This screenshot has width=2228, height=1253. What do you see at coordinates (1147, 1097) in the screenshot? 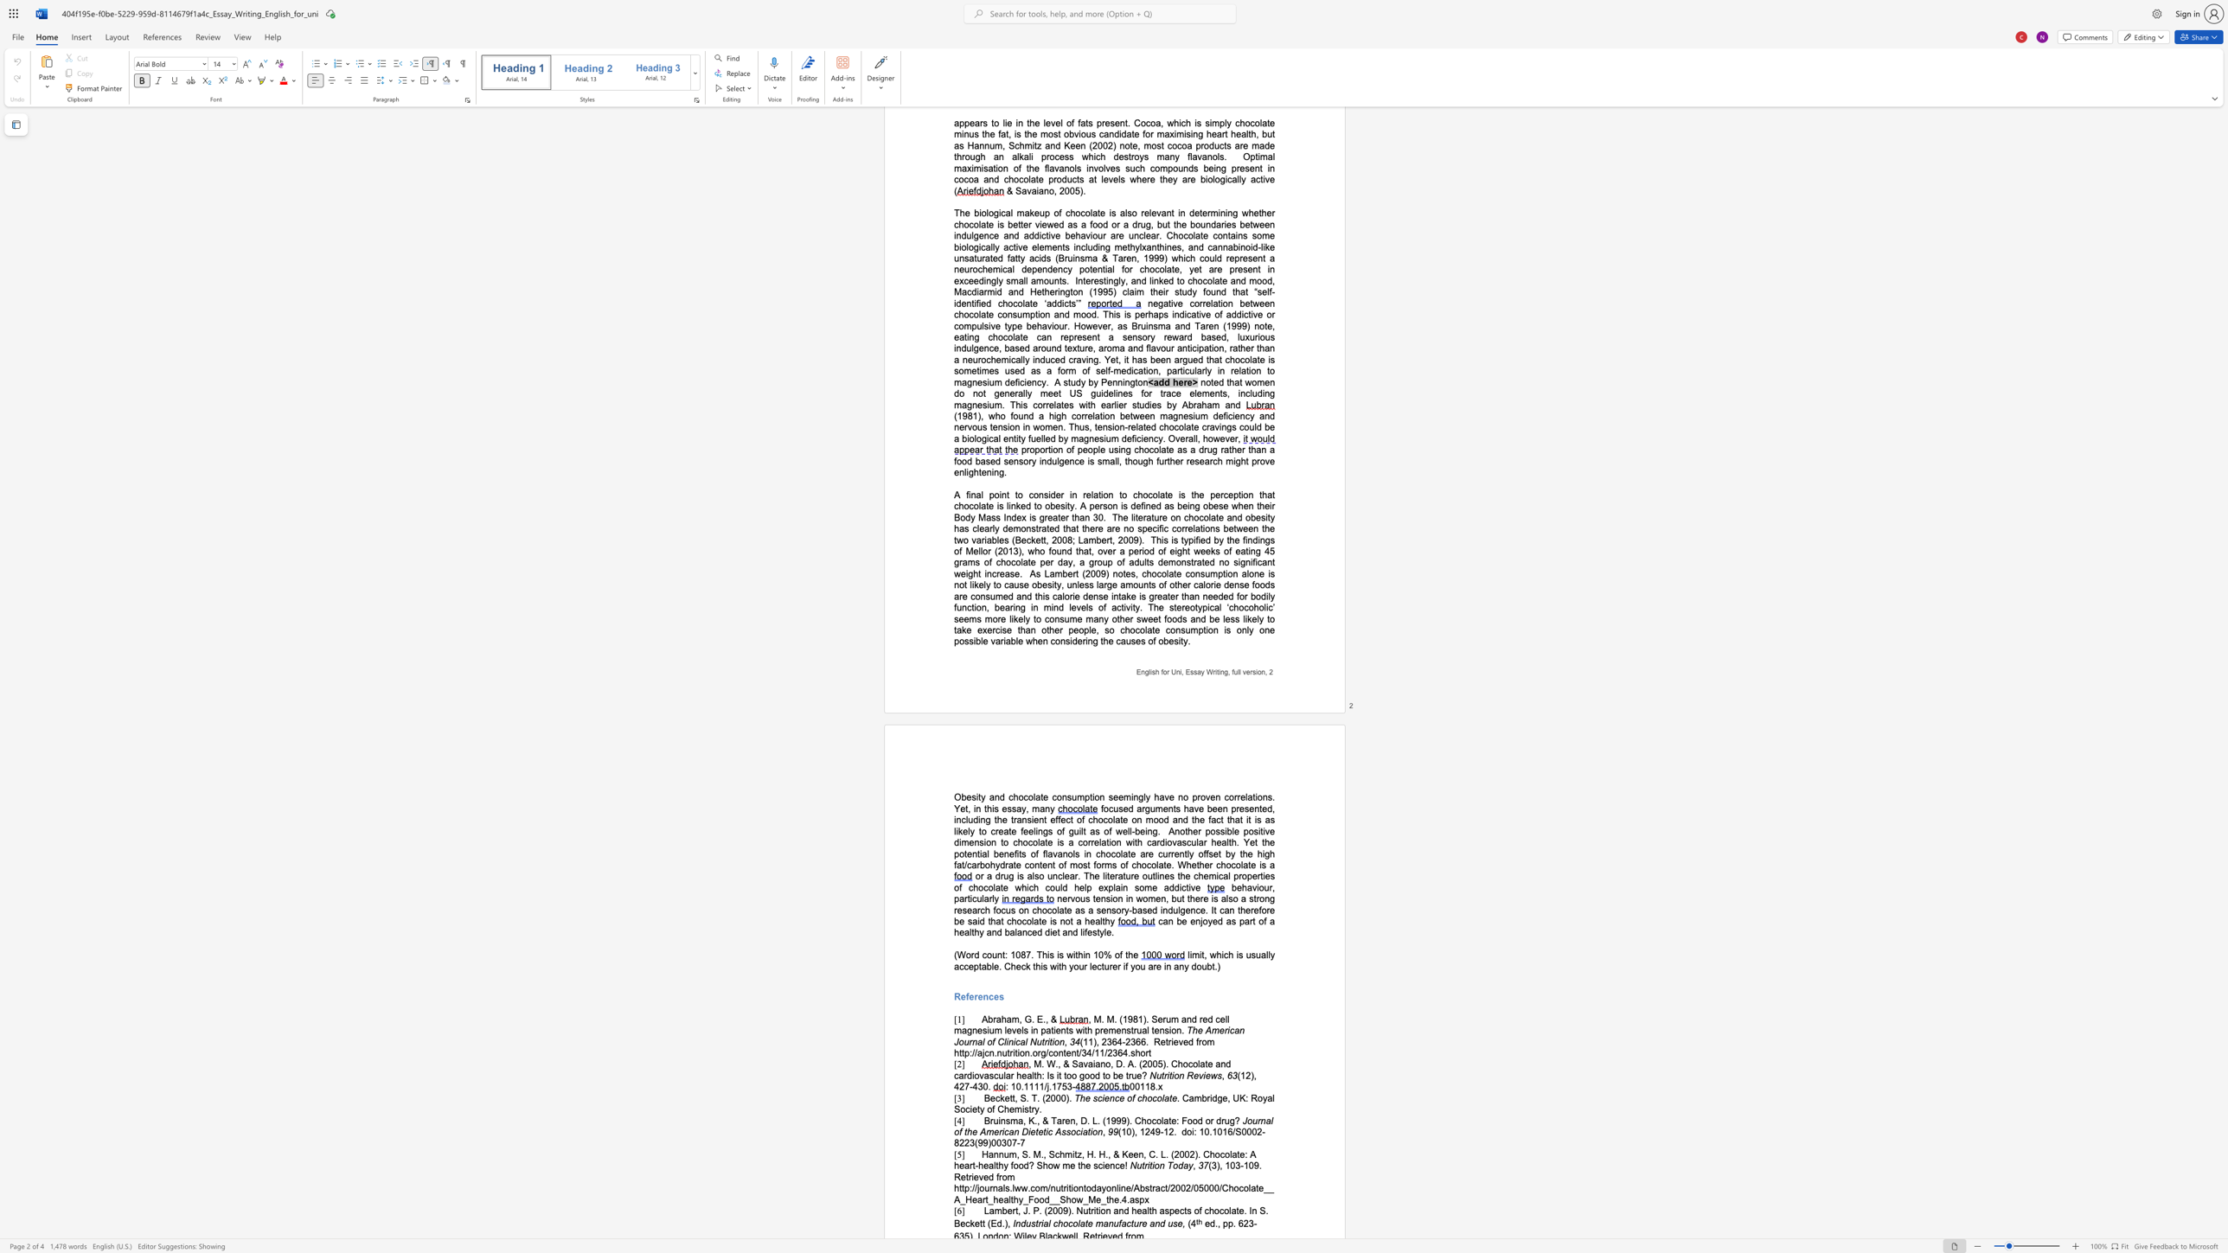
I see `the subset text "ocol" within the text "The science of chocolate"` at bounding box center [1147, 1097].